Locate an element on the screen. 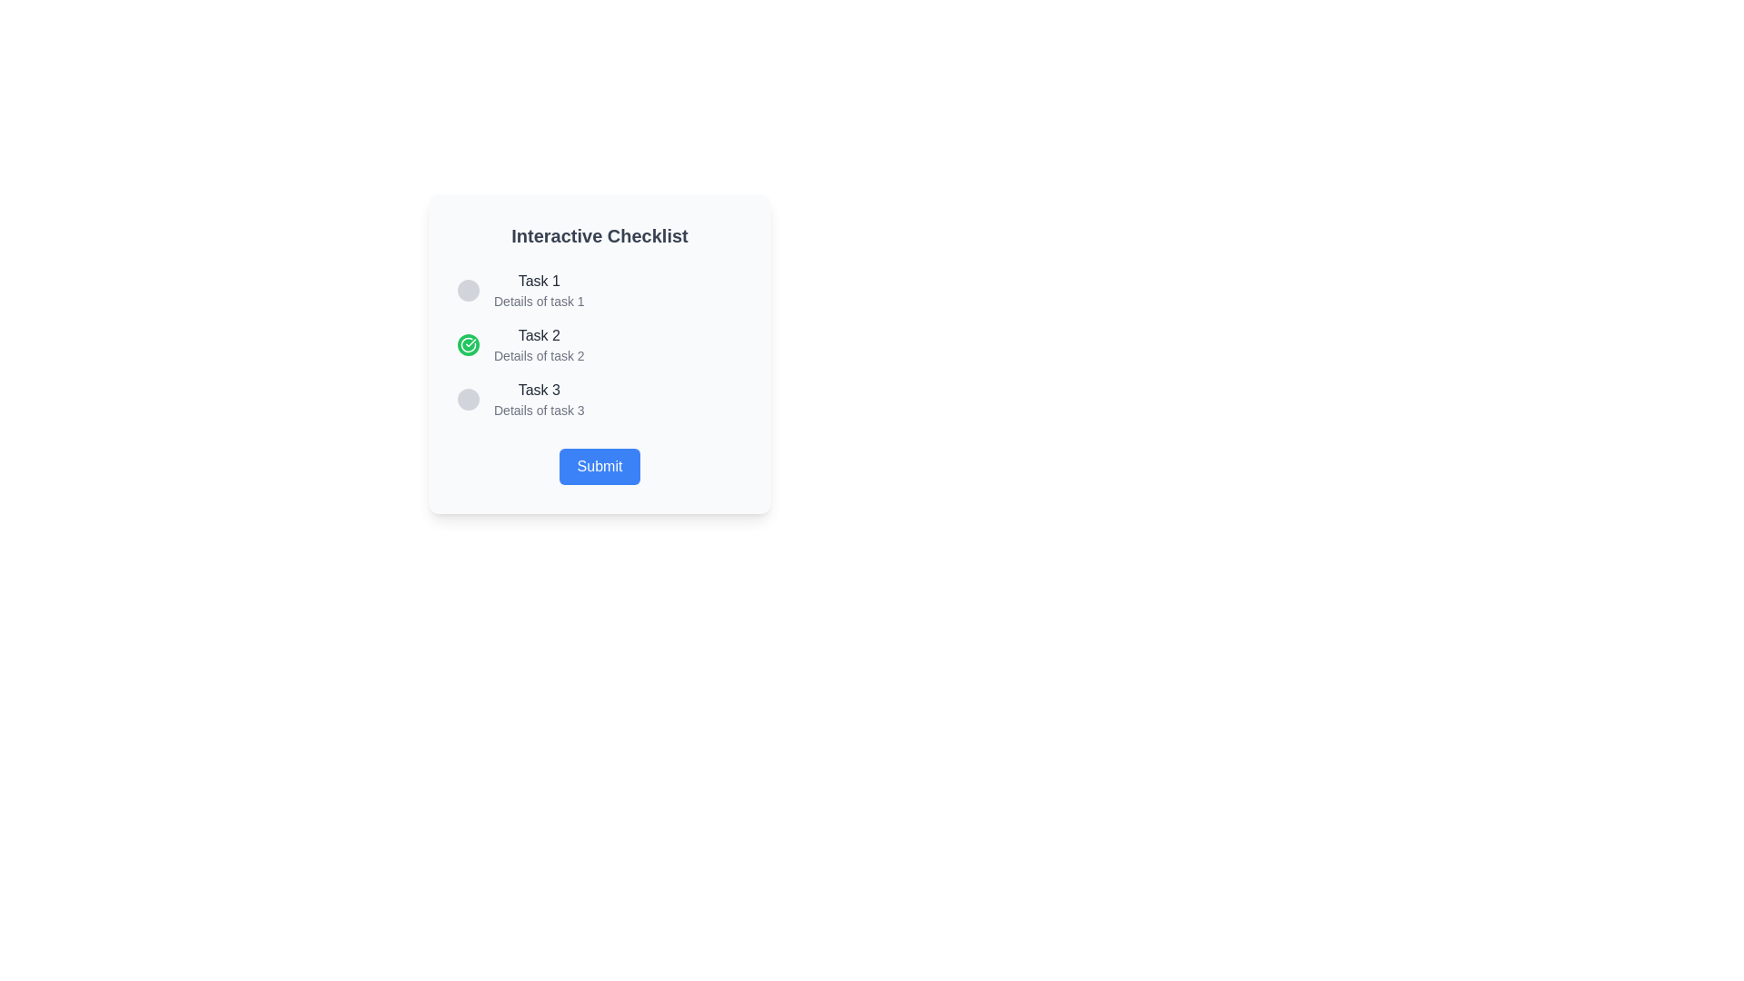  the text label reading 'Details of task 3', which is styled with a smaller gray font and positioned below the 'Task 3' heading in the checklist interface is located at coordinates (538, 410).